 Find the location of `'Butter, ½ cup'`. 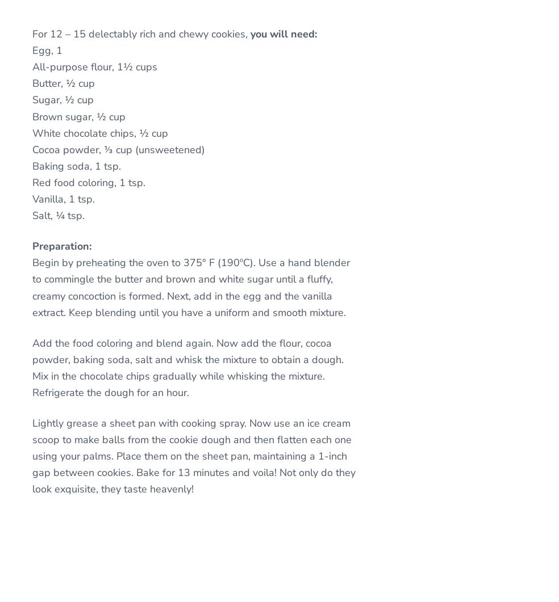

'Butter, ½ cup' is located at coordinates (62, 83).